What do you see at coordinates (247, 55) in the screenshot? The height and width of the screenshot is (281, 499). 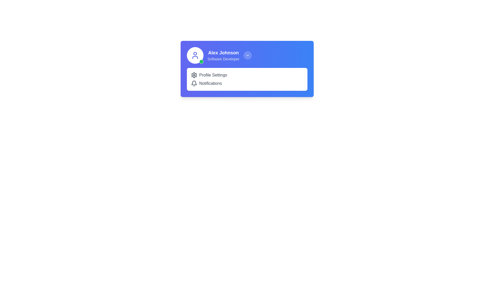 I see `the small circular button with a downward-facing chevron icon located at the top-right of the profile text 'Alex Johnson Software Developer'` at bounding box center [247, 55].